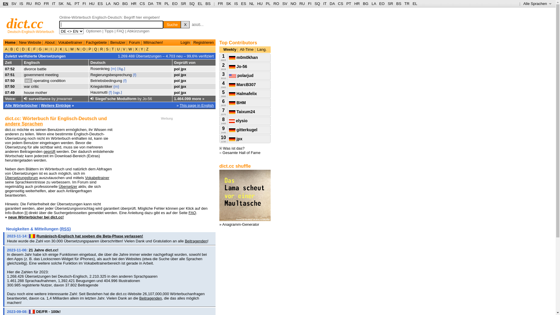 The height and width of the screenshot is (315, 560). Describe the element at coordinates (139, 49) in the screenshot. I see `'Y'` at that location.